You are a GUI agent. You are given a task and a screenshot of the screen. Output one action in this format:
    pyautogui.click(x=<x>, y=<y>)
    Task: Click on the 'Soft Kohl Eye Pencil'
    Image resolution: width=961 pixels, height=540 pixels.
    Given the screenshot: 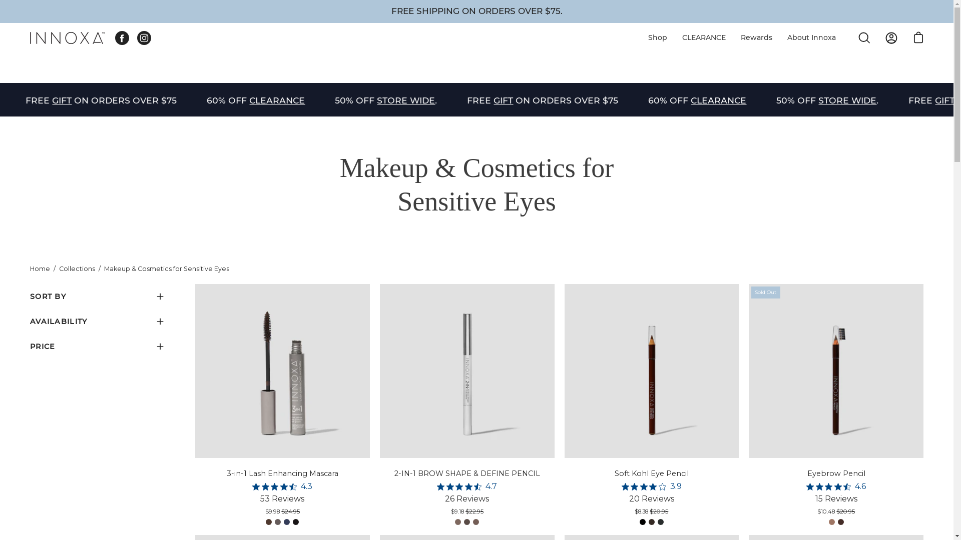 What is the action you would take?
    pyautogui.click(x=652, y=473)
    